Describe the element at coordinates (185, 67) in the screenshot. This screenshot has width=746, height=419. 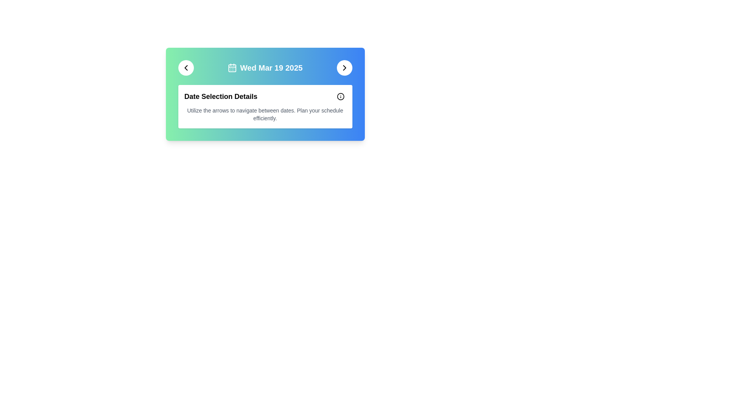
I see `the left-pointing chevron icon, which is the leftmost interactive icon on a circular button-like structure in a horizontal gradient bar` at that location.